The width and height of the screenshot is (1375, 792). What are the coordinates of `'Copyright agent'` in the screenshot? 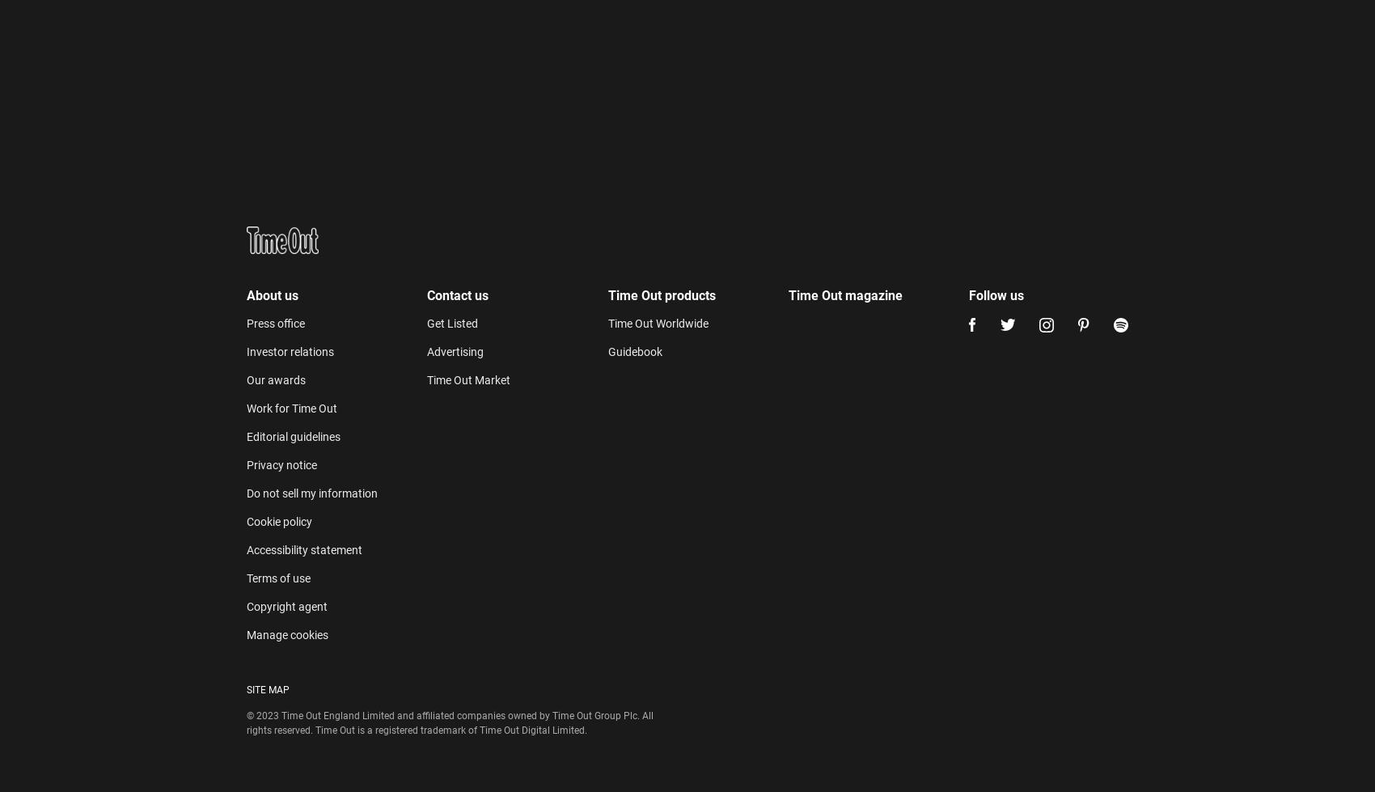 It's located at (286, 248).